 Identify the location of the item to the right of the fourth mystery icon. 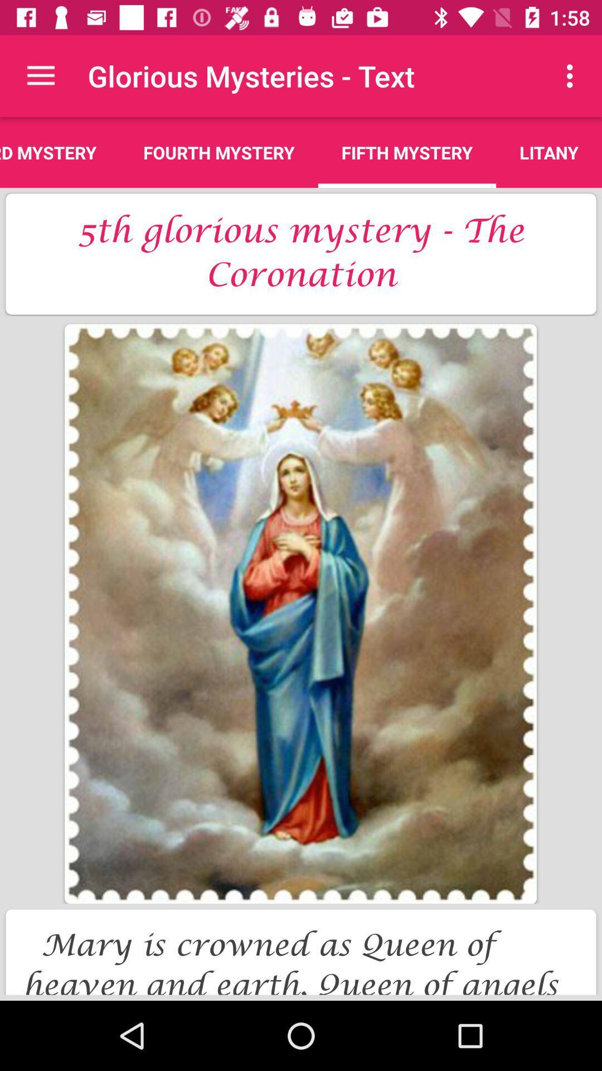
(407, 152).